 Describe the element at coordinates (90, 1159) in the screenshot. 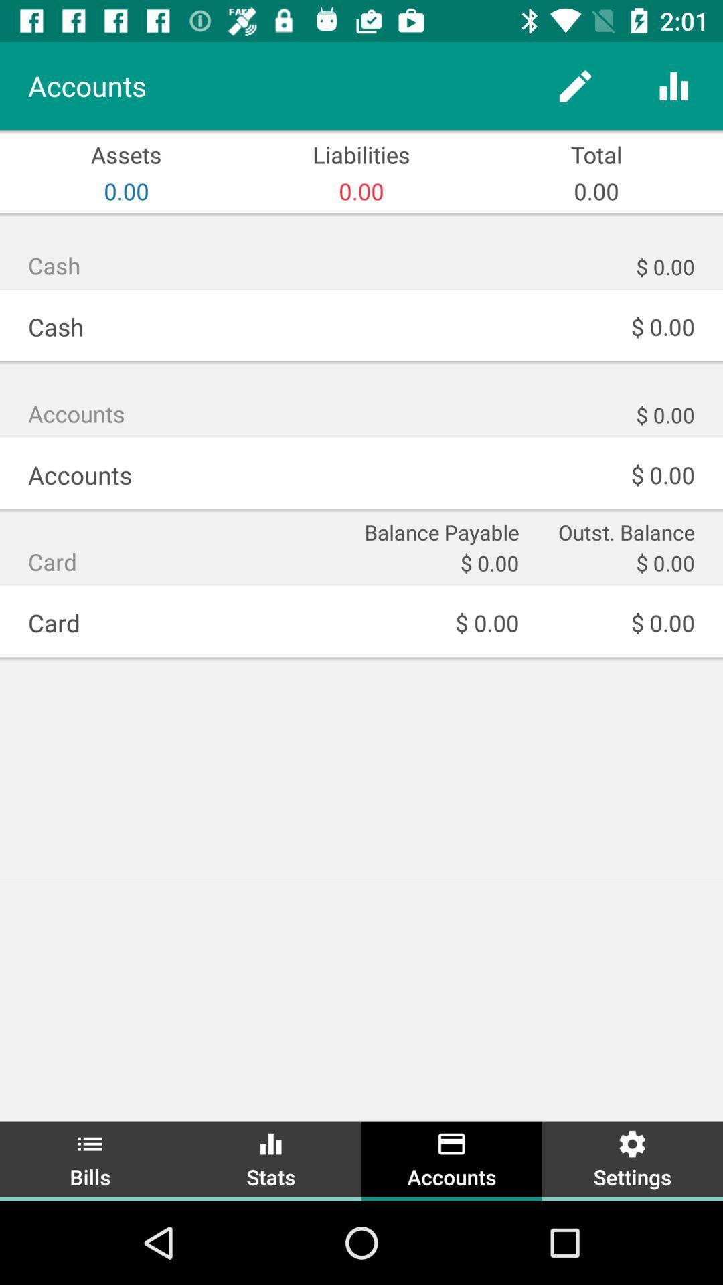

I see `item next to stats` at that location.